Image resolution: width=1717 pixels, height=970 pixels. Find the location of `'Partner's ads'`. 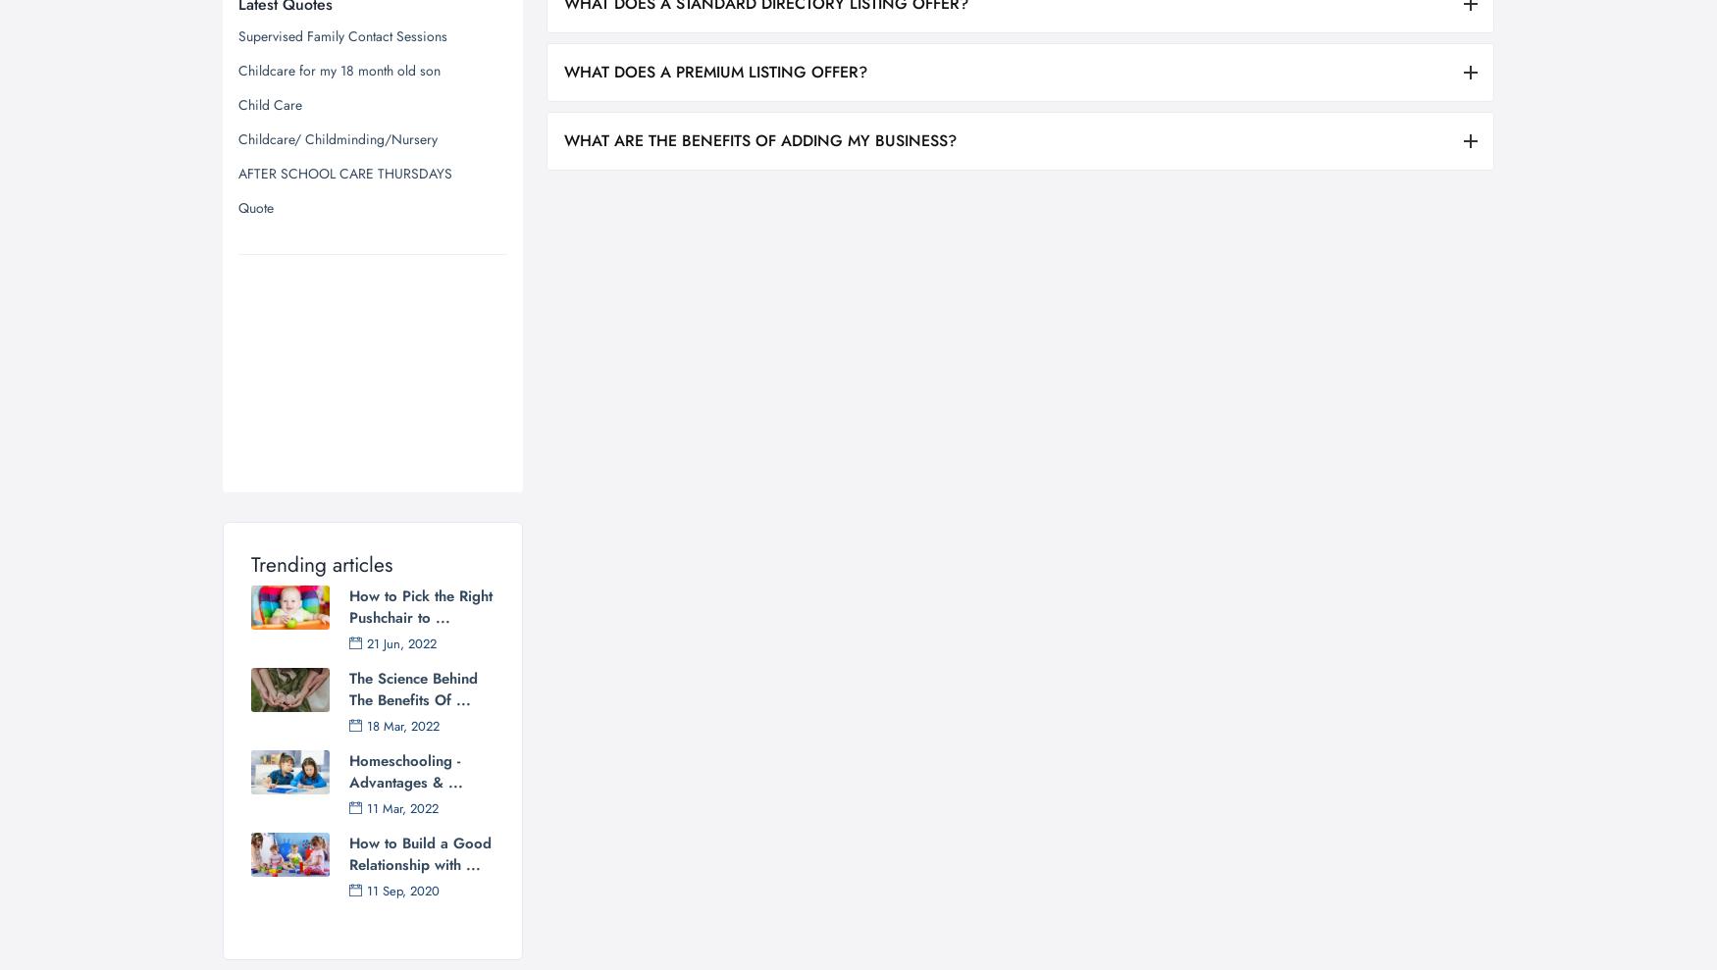

'Partner's ads' is located at coordinates (292, 96).